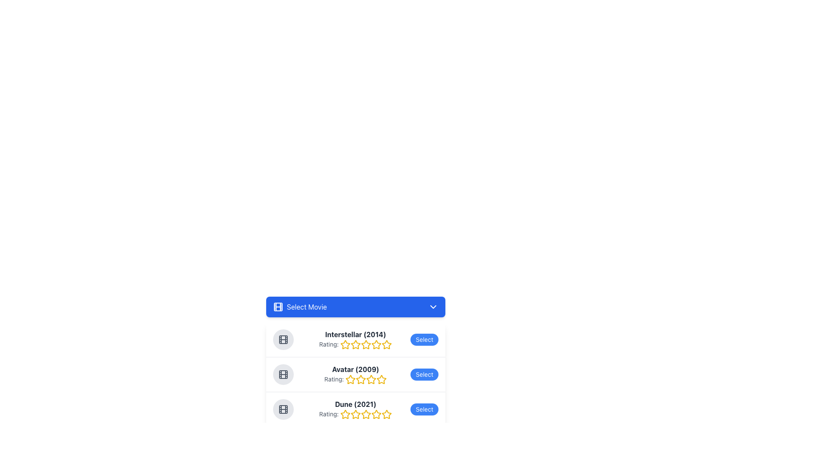 The image size is (827, 465). What do you see at coordinates (355, 374) in the screenshot?
I see `the 'Avatar (2009)' movie list item` at bounding box center [355, 374].